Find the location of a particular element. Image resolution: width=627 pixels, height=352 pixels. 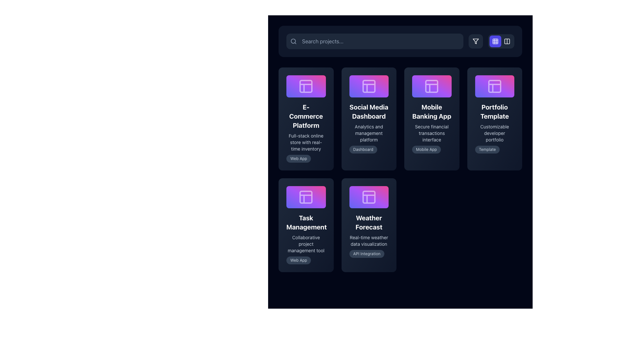

text displayed in the 'Weather Forecast' component, which includes the headline and descriptive text along with the 'API Integration' badge is located at coordinates (369, 235).